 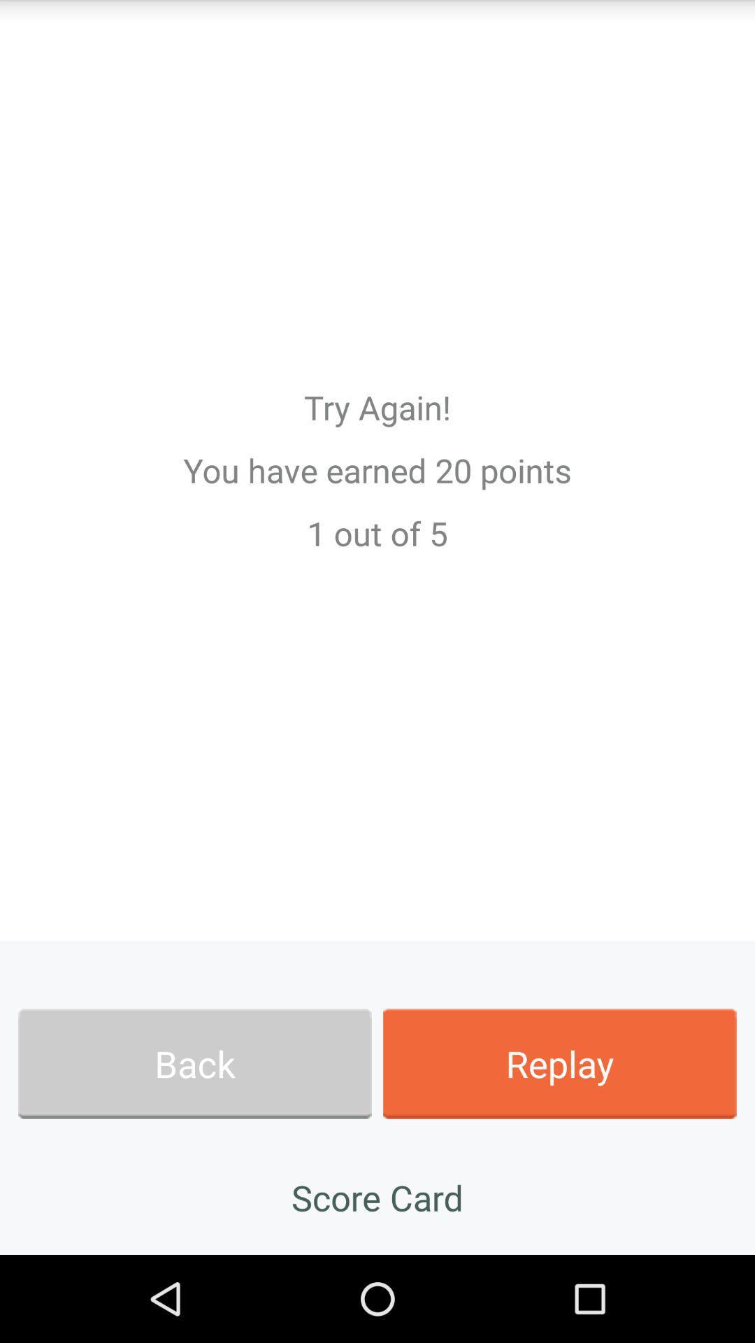 I want to click on the icon next to back app, so click(x=559, y=1063).